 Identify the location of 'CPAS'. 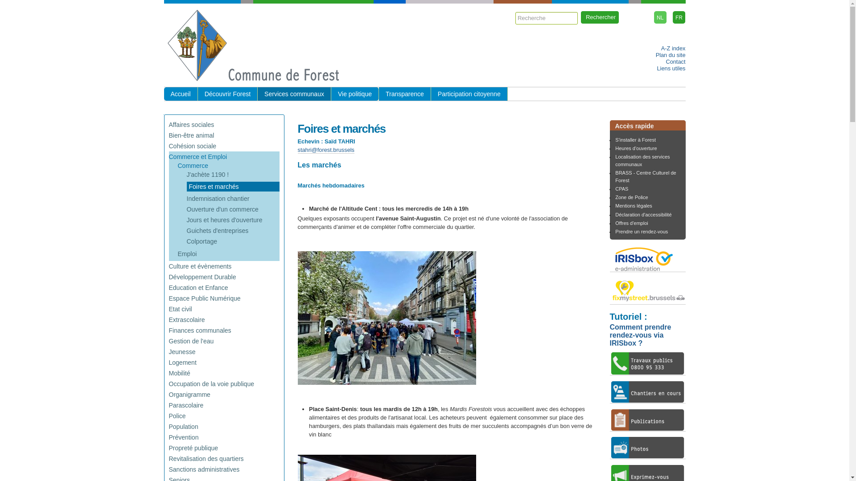
(621, 188).